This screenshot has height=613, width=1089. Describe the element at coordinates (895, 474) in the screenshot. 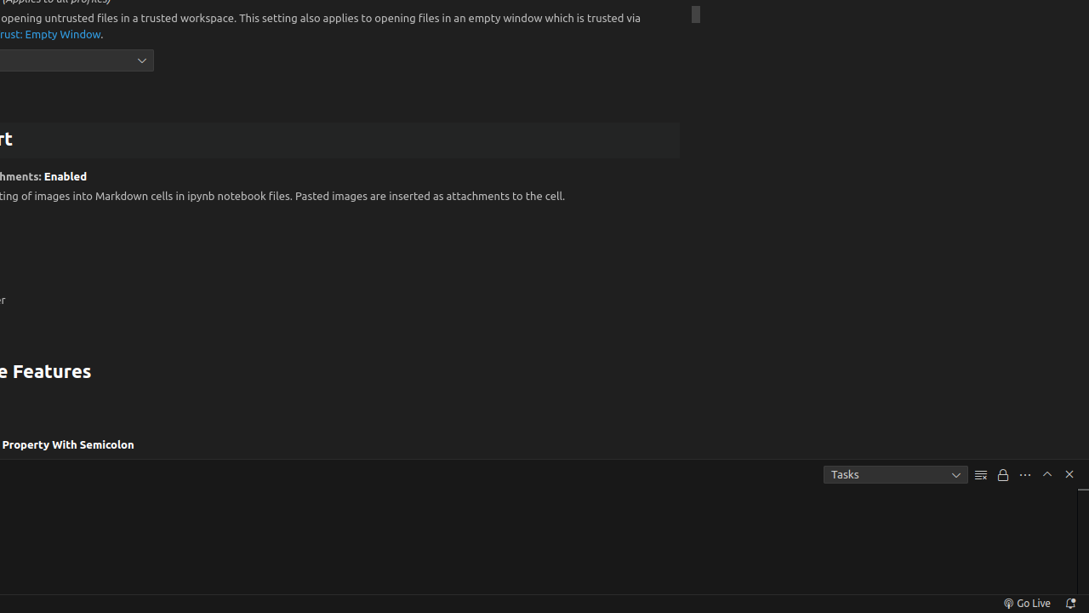

I see `'Tasks'` at that location.